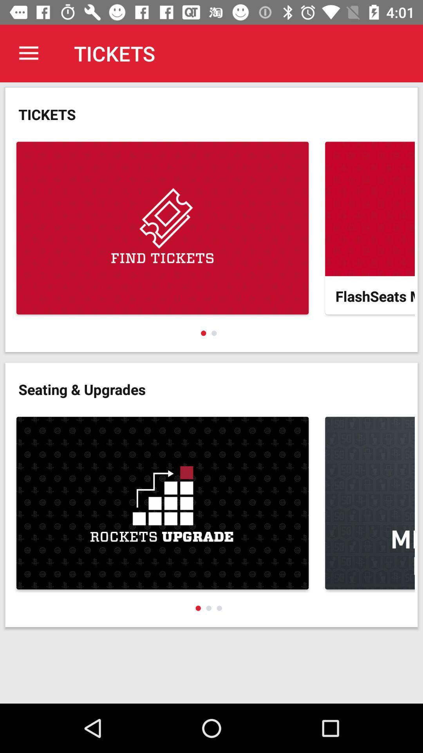 The height and width of the screenshot is (753, 423). What do you see at coordinates (28, 53) in the screenshot?
I see `the item to the left of the tickets item` at bounding box center [28, 53].